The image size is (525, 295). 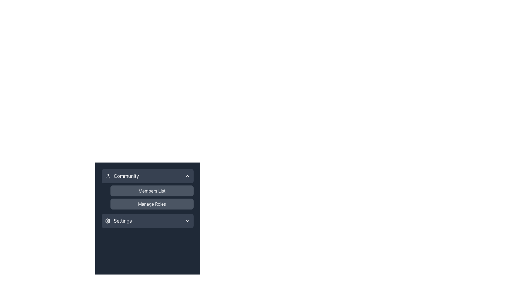 I want to click on the downward-facing chevron icon located on the right side of the 'Community' block, so click(x=188, y=176).